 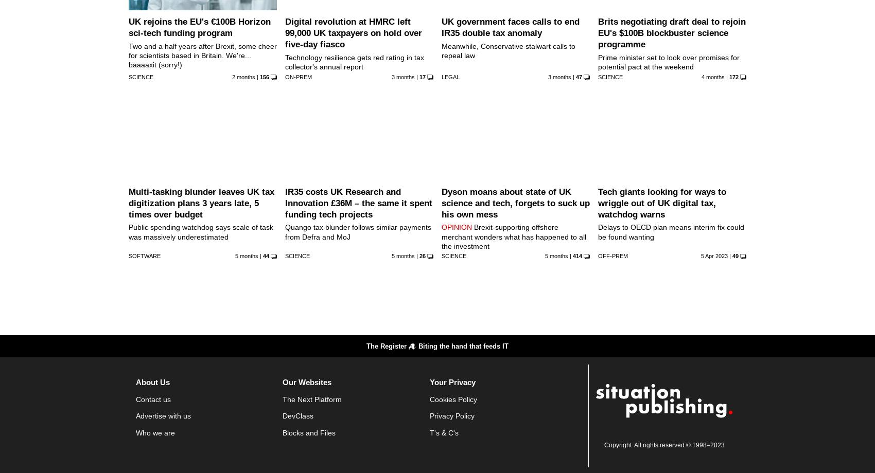 What do you see at coordinates (701, 76) in the screenshot?
I see `'4 months'` at bounding box center [701, 76].